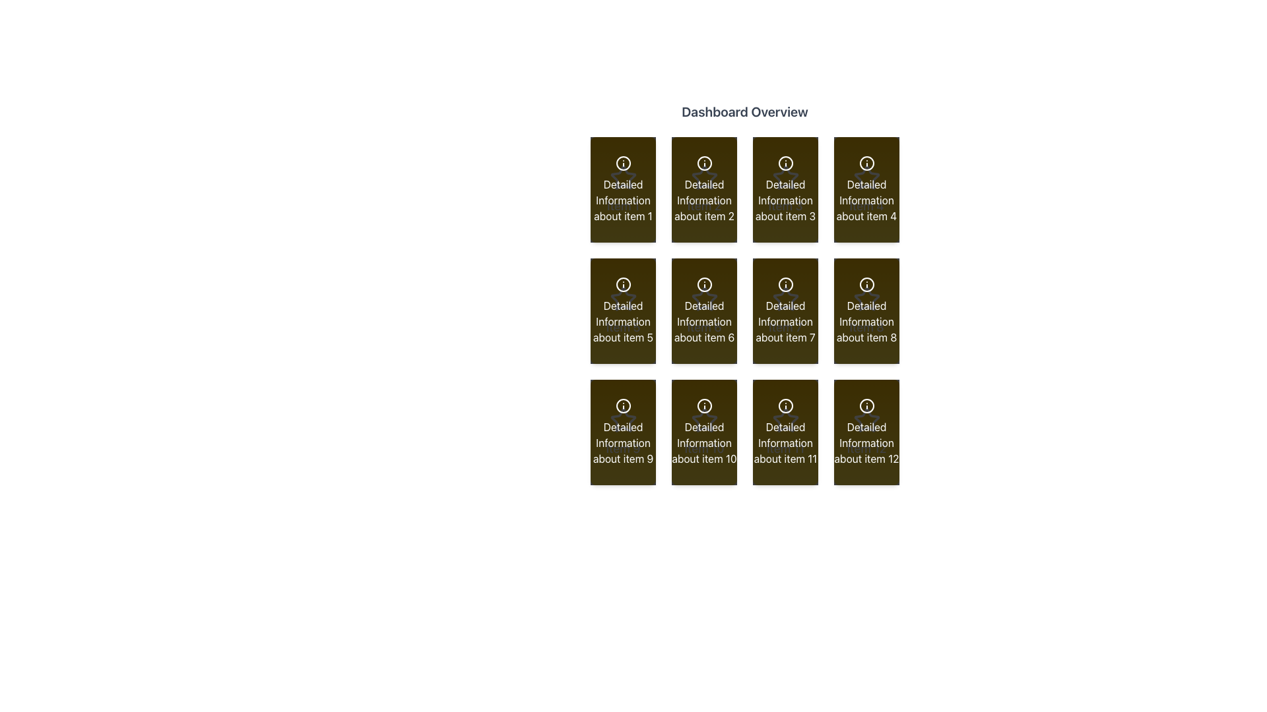  I want to click on the text label that displays the description for item 8, located in the second row and fourth column of the grid layout, so click(866, 322).